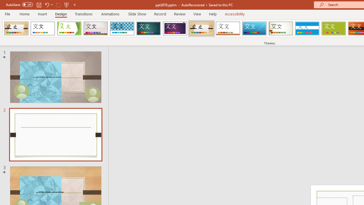 The width and height of the screenshot is (364, 205). Describe the element at coordinates (96, 28) in the screenshot. I see `'Gallery'` at that location.